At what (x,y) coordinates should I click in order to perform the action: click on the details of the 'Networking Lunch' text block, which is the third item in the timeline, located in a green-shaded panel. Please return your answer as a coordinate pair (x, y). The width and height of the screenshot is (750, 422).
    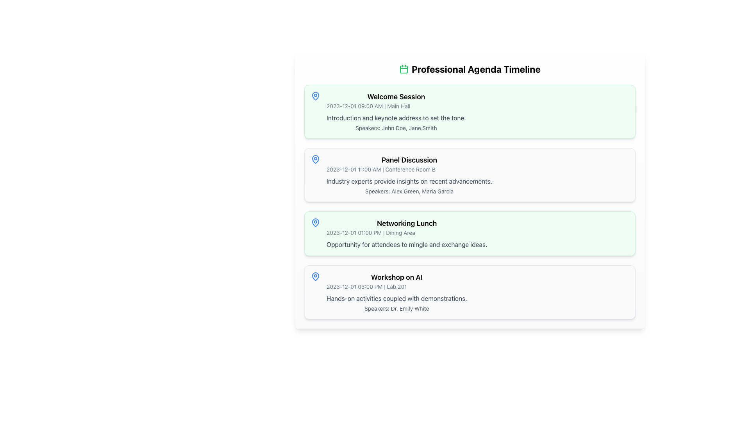
    Looking at the image, I should click on (470, 233).